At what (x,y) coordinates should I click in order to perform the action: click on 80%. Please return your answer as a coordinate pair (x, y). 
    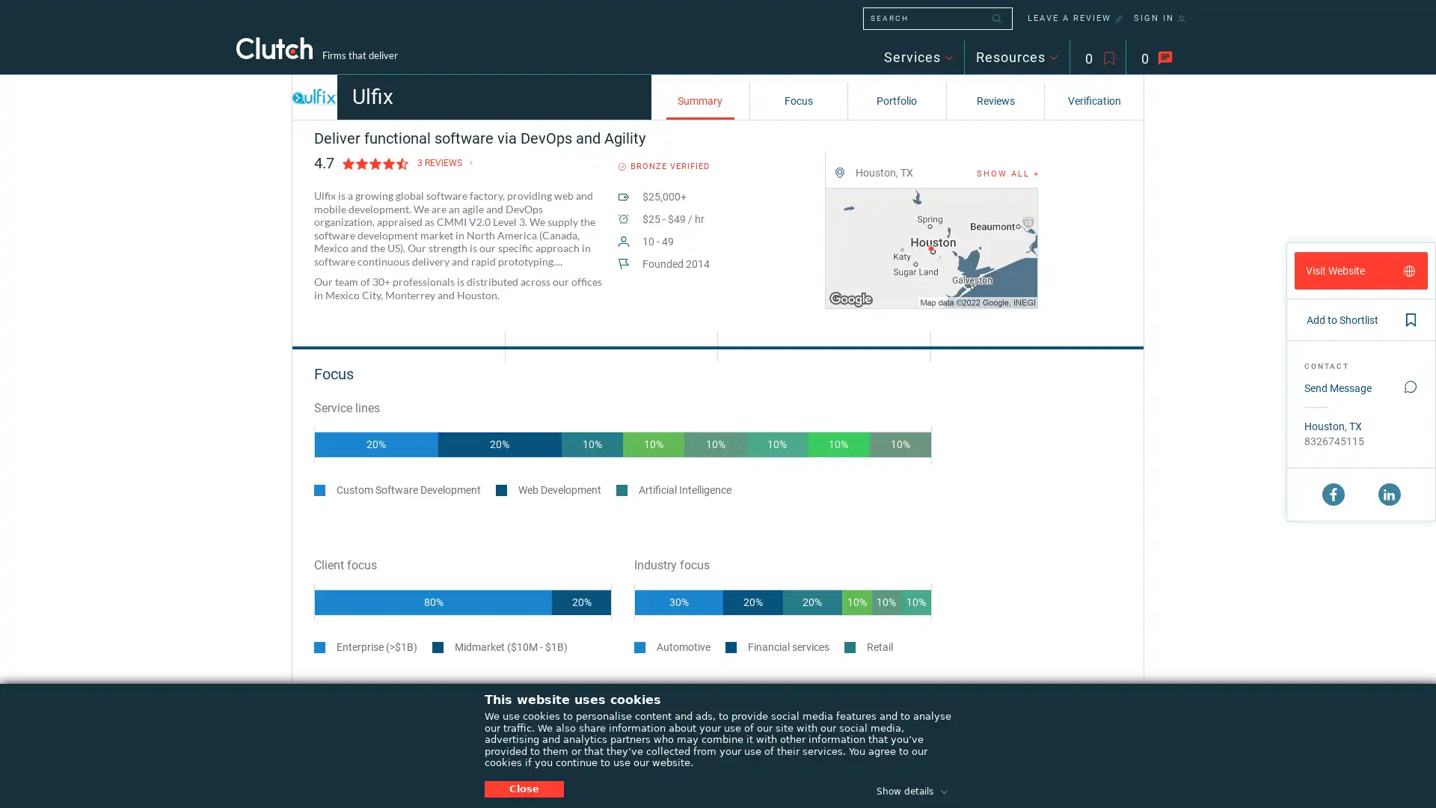
    Looking at the image, I should click on (432, 601).